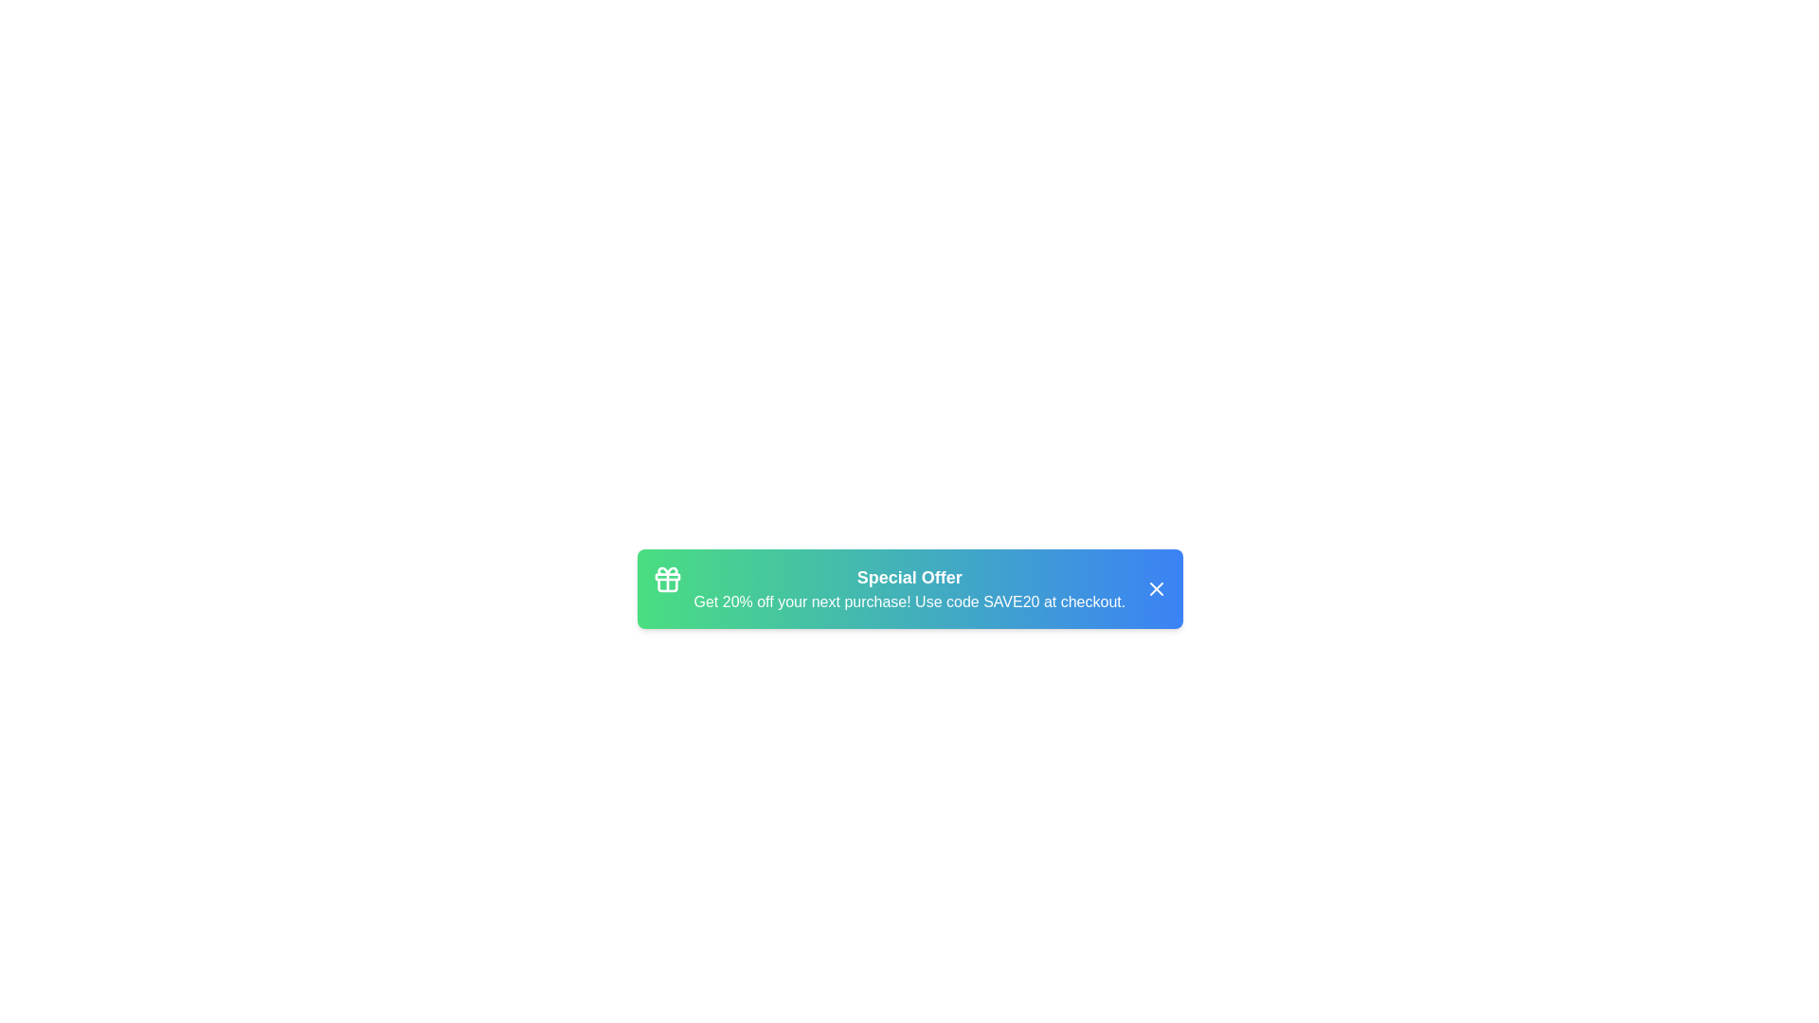 This screenshot has width=1819, height=1023. Describe the element at coordinates (1155, 587) in the screenshot. I see `close button (X icon) on the alert to dismiss it` at that location.